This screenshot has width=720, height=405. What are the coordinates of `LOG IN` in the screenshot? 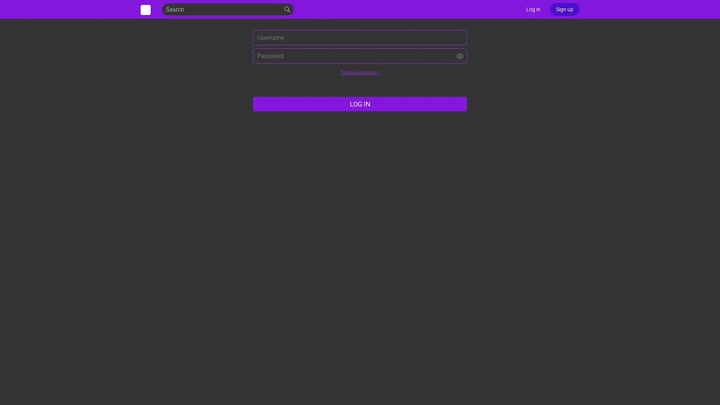 It's located at (360, 104).